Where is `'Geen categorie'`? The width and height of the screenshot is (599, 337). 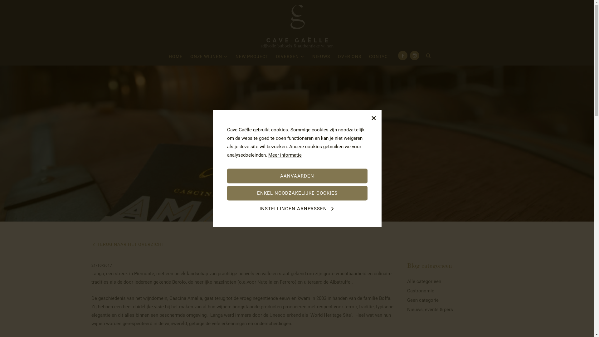
'Geen categorie' is located at coordinates (455, 300).